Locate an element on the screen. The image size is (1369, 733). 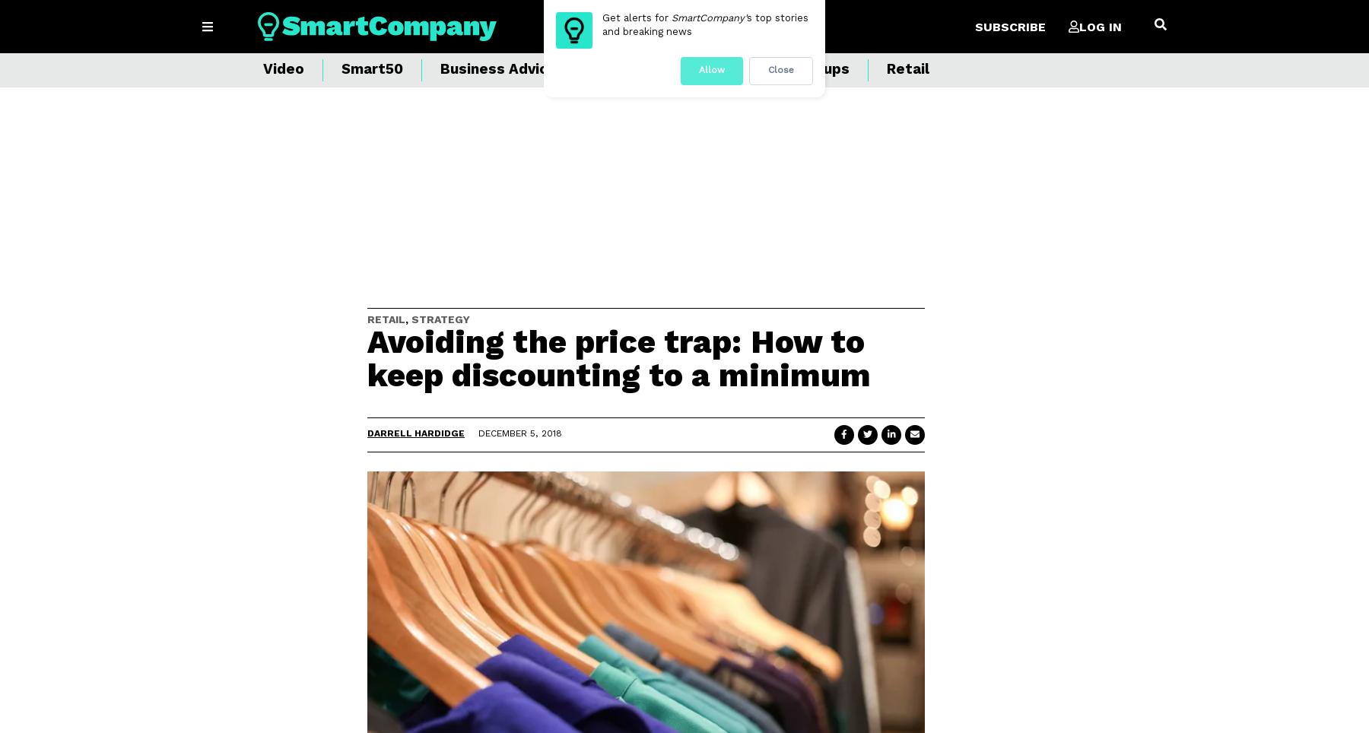
'Smart50' is located at coordinates (370, 68).